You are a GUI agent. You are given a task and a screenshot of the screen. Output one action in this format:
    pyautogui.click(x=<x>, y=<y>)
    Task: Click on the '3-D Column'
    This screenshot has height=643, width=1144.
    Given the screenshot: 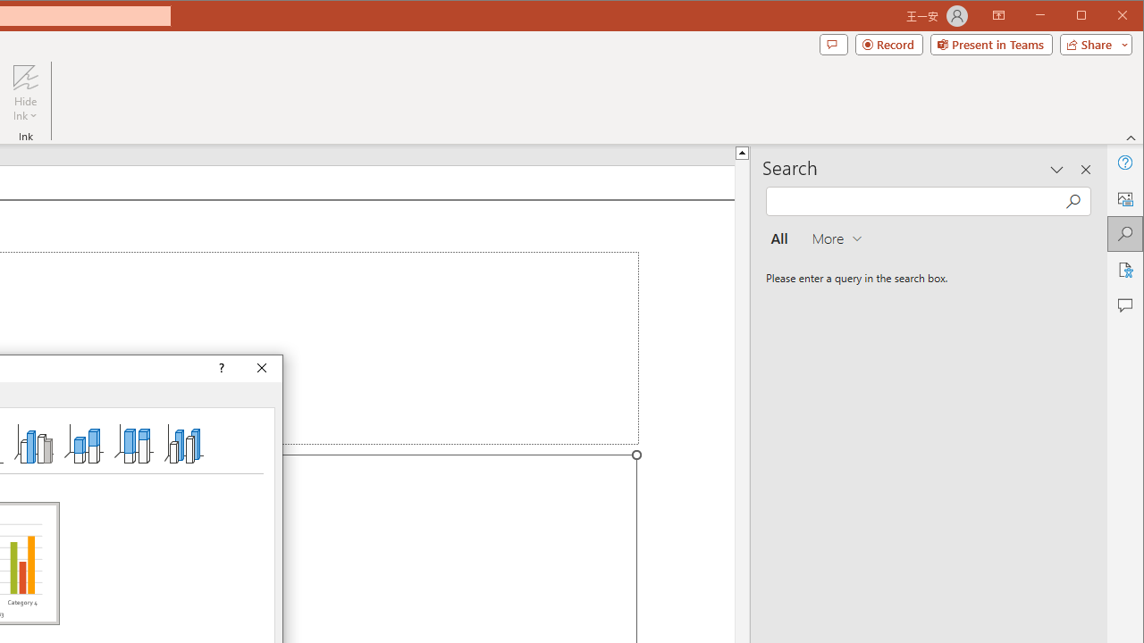 What is the action you would take?
    pyautogui.click(x=184, y=442)
    